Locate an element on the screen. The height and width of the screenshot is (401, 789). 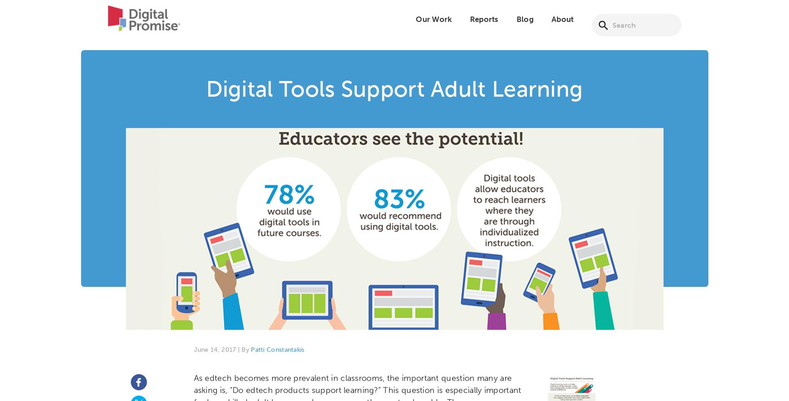
'Reports' is located at coordinates (483, 25).